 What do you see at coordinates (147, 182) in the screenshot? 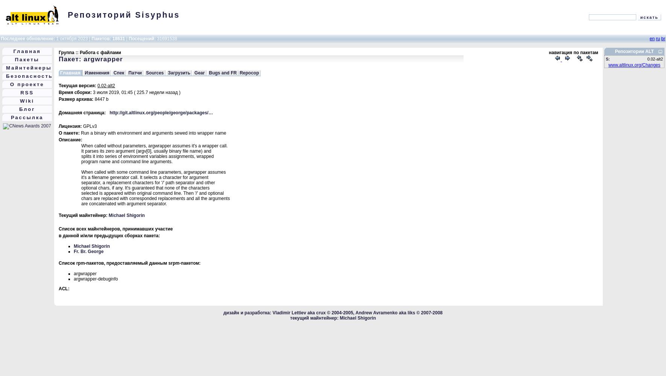
I see `'separator, a replacement characters for '/' path separator and other'` at bounding box center [147, 182].